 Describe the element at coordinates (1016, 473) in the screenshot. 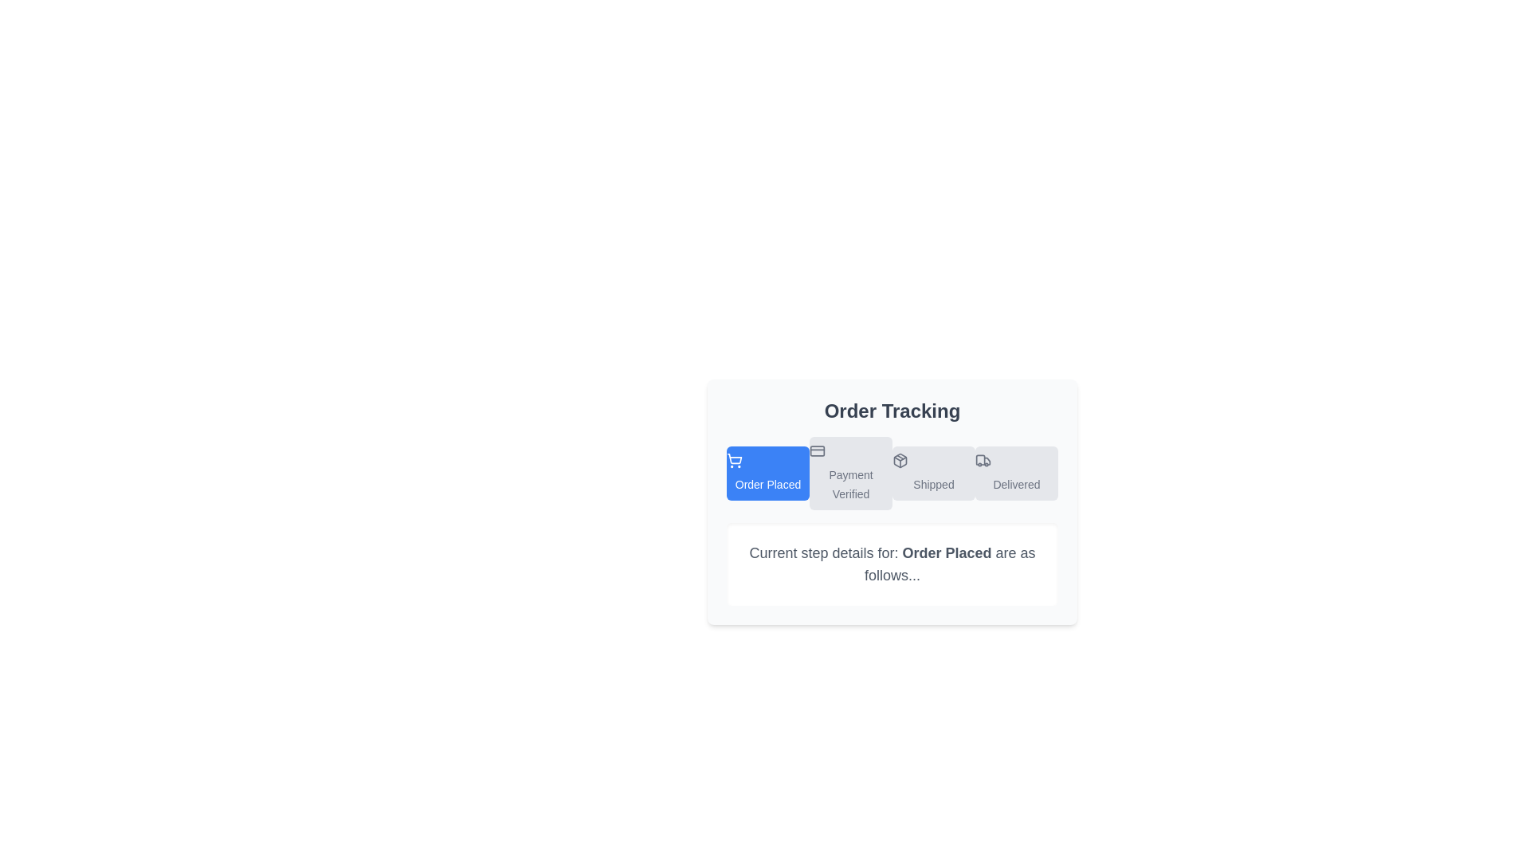

I see `the visual indicator representing the 'Delivered' status in the progress tracker, which is the last step in the order lifecycle` at that location.